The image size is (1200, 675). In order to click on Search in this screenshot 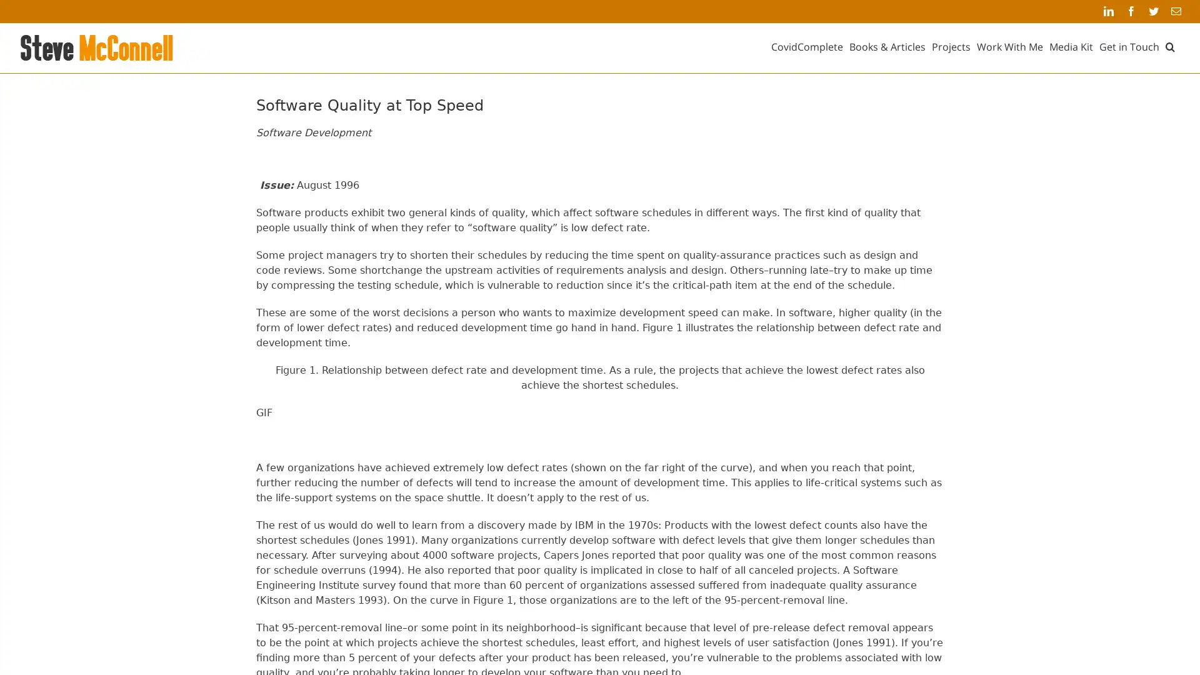, I will do `click(1169, 46)`.